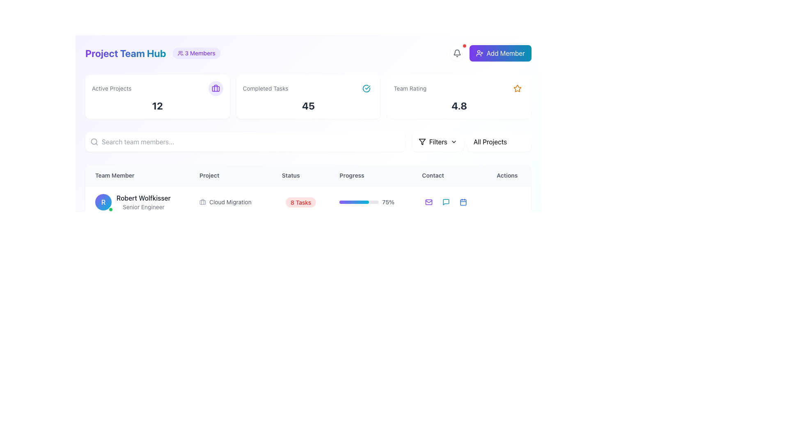 This screenshot has width=788, height=443. I want to click on the text label displaying 'Active Projects' located at the top-left area of the section within the UI, so click(111, 89).